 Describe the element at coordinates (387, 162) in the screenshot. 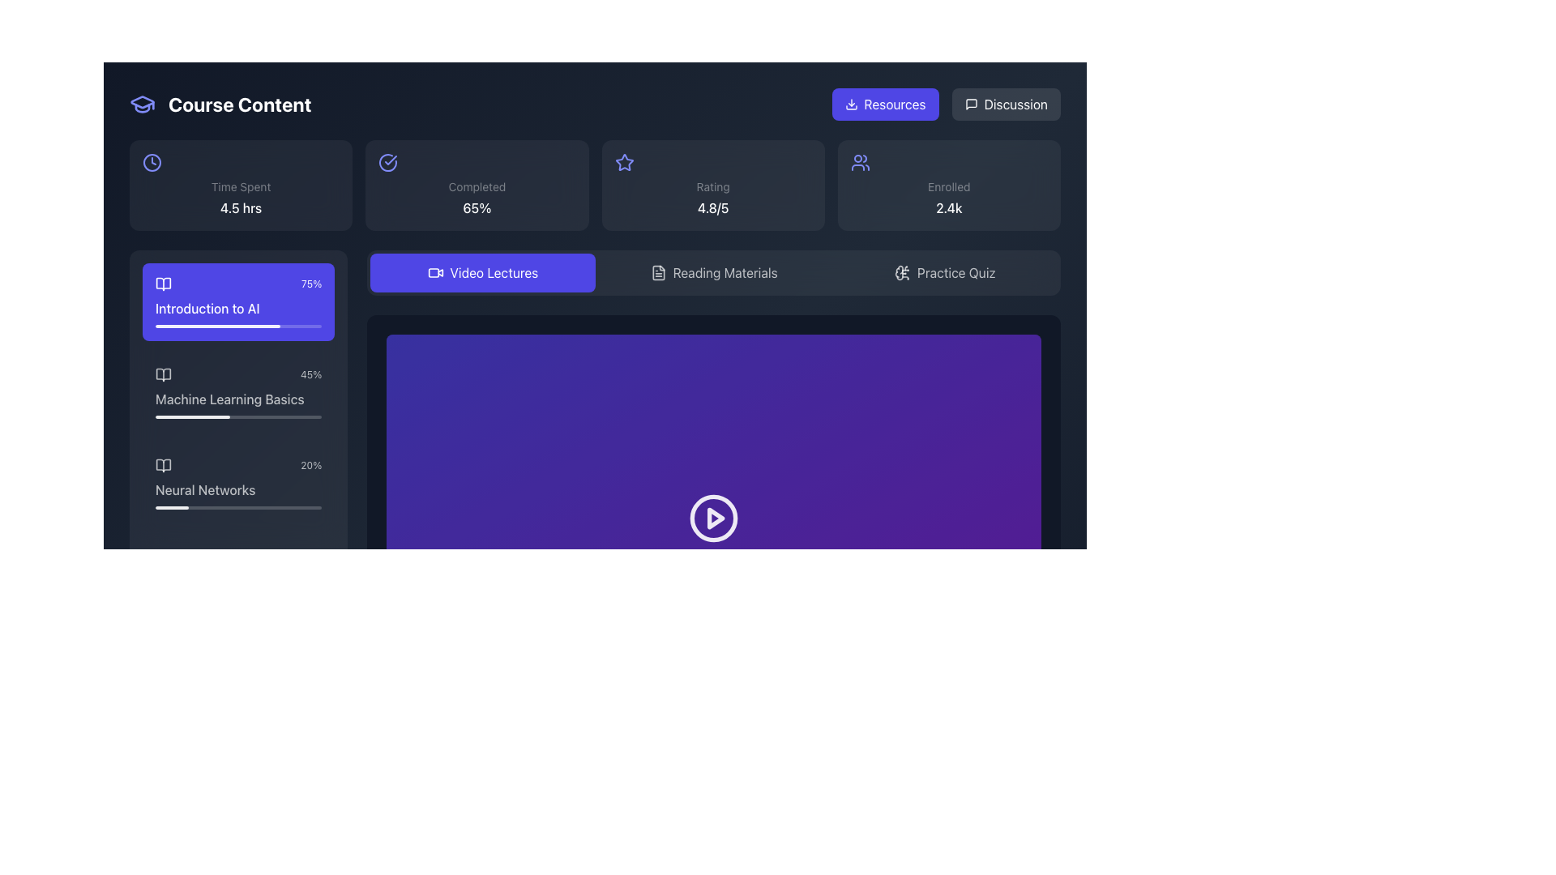

I see `the completion state icon located at the top-center of the user interface within the 'Completed' card` at that location.